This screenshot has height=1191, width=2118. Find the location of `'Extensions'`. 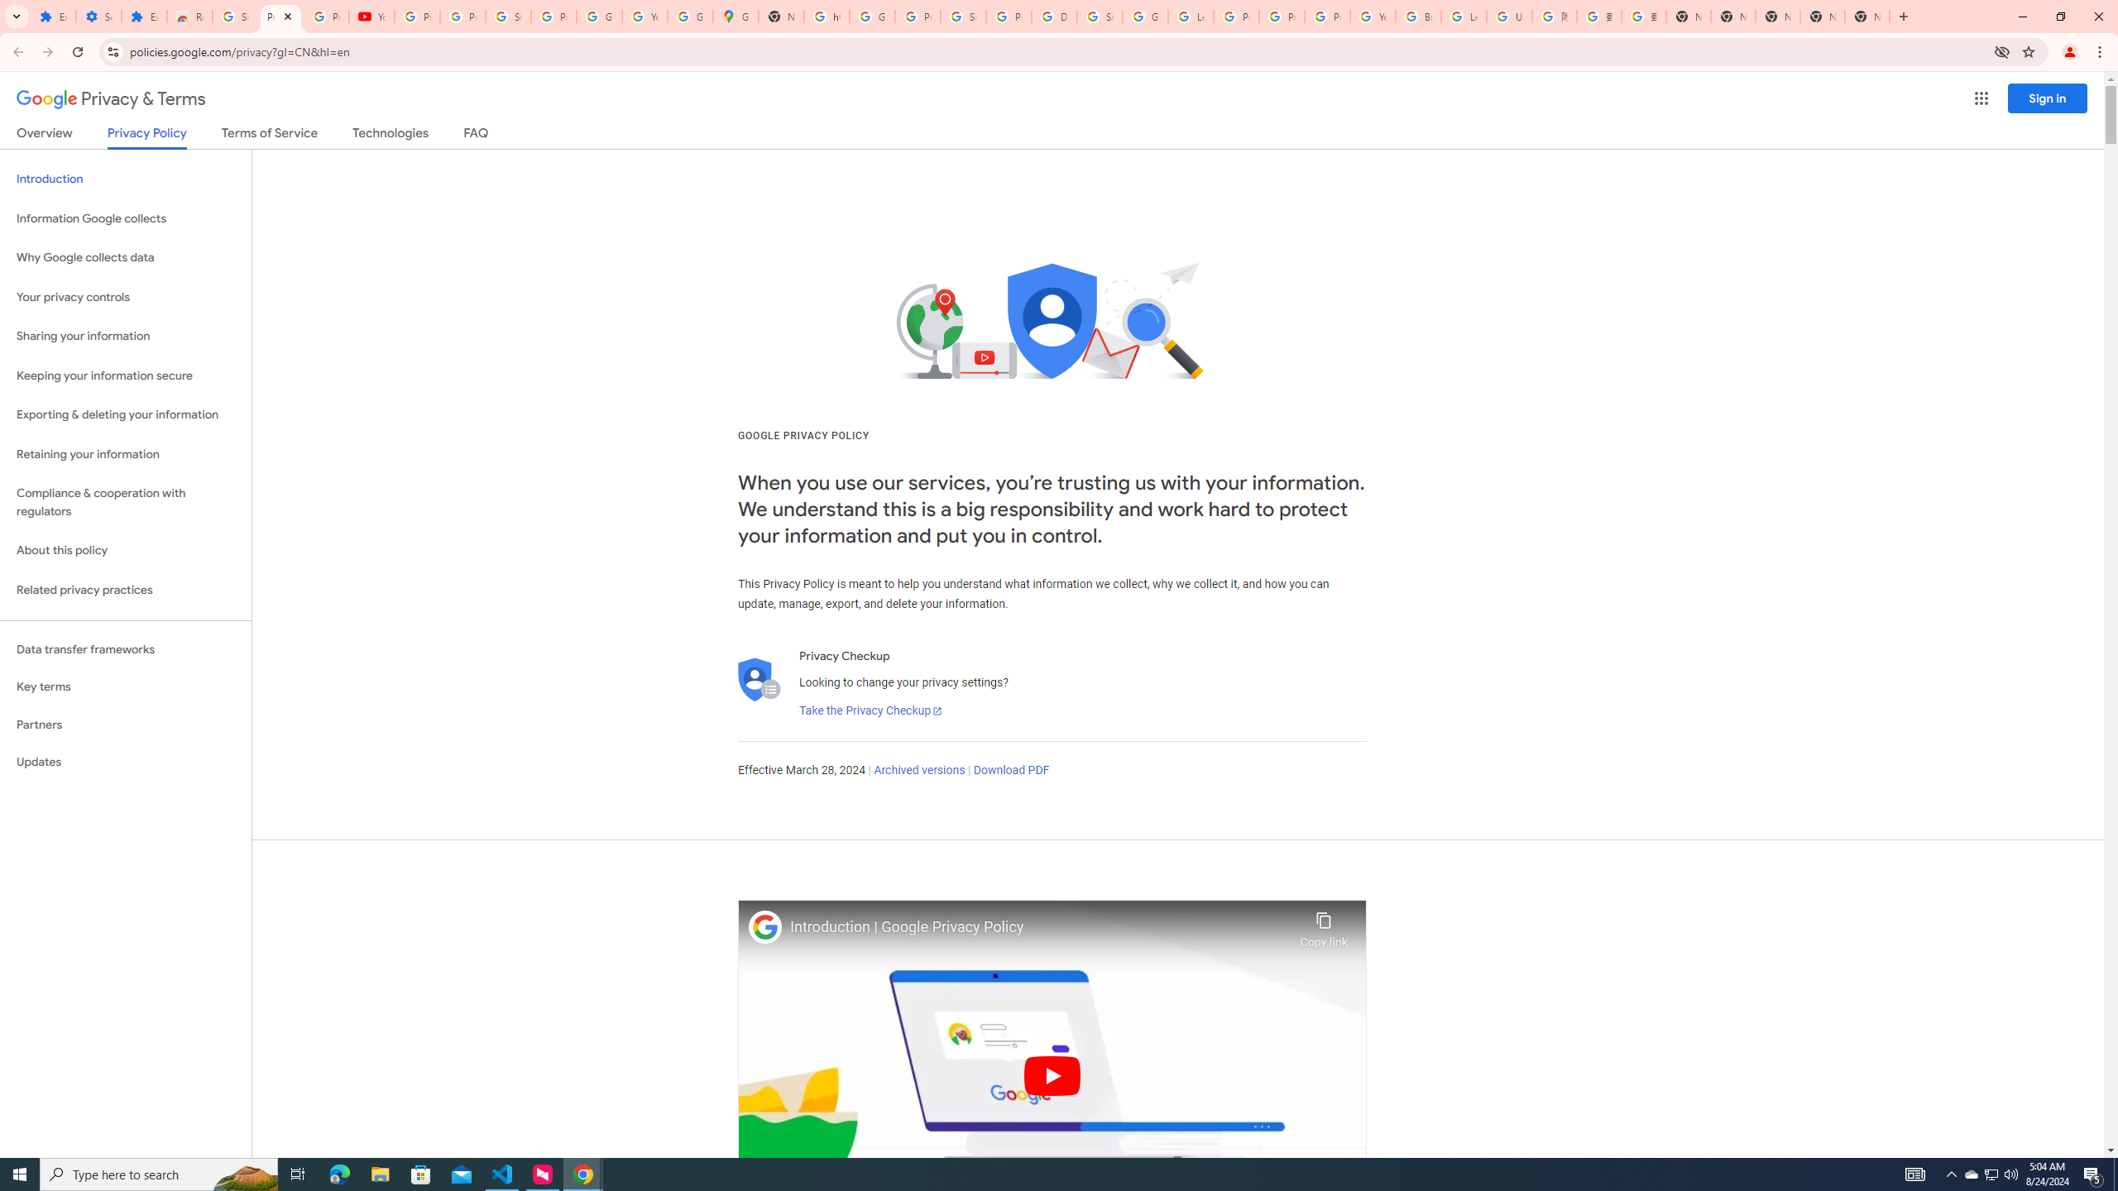

'Extensions' is located at coordinates (144, 16).